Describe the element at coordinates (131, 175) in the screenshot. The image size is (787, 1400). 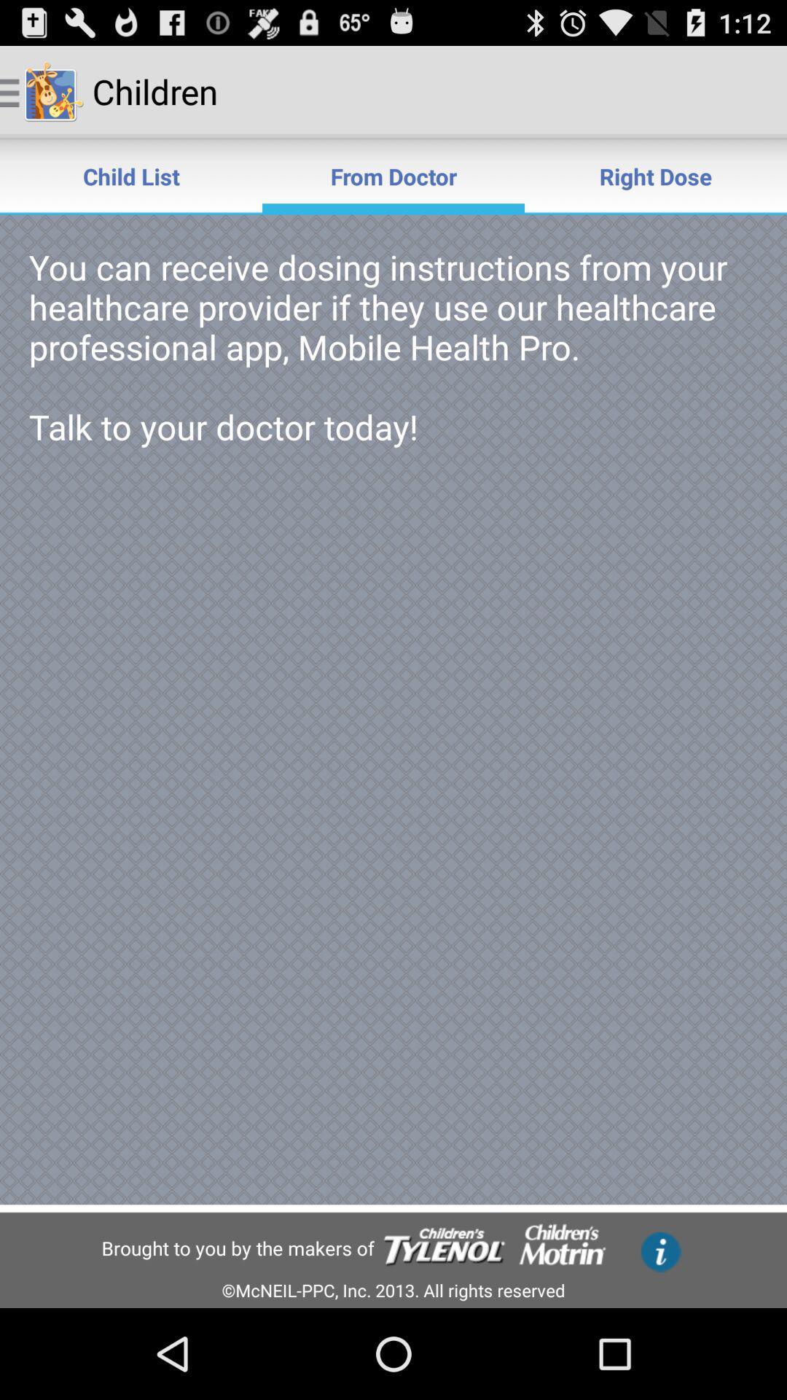
I see `item above the you can receive item` at that location.